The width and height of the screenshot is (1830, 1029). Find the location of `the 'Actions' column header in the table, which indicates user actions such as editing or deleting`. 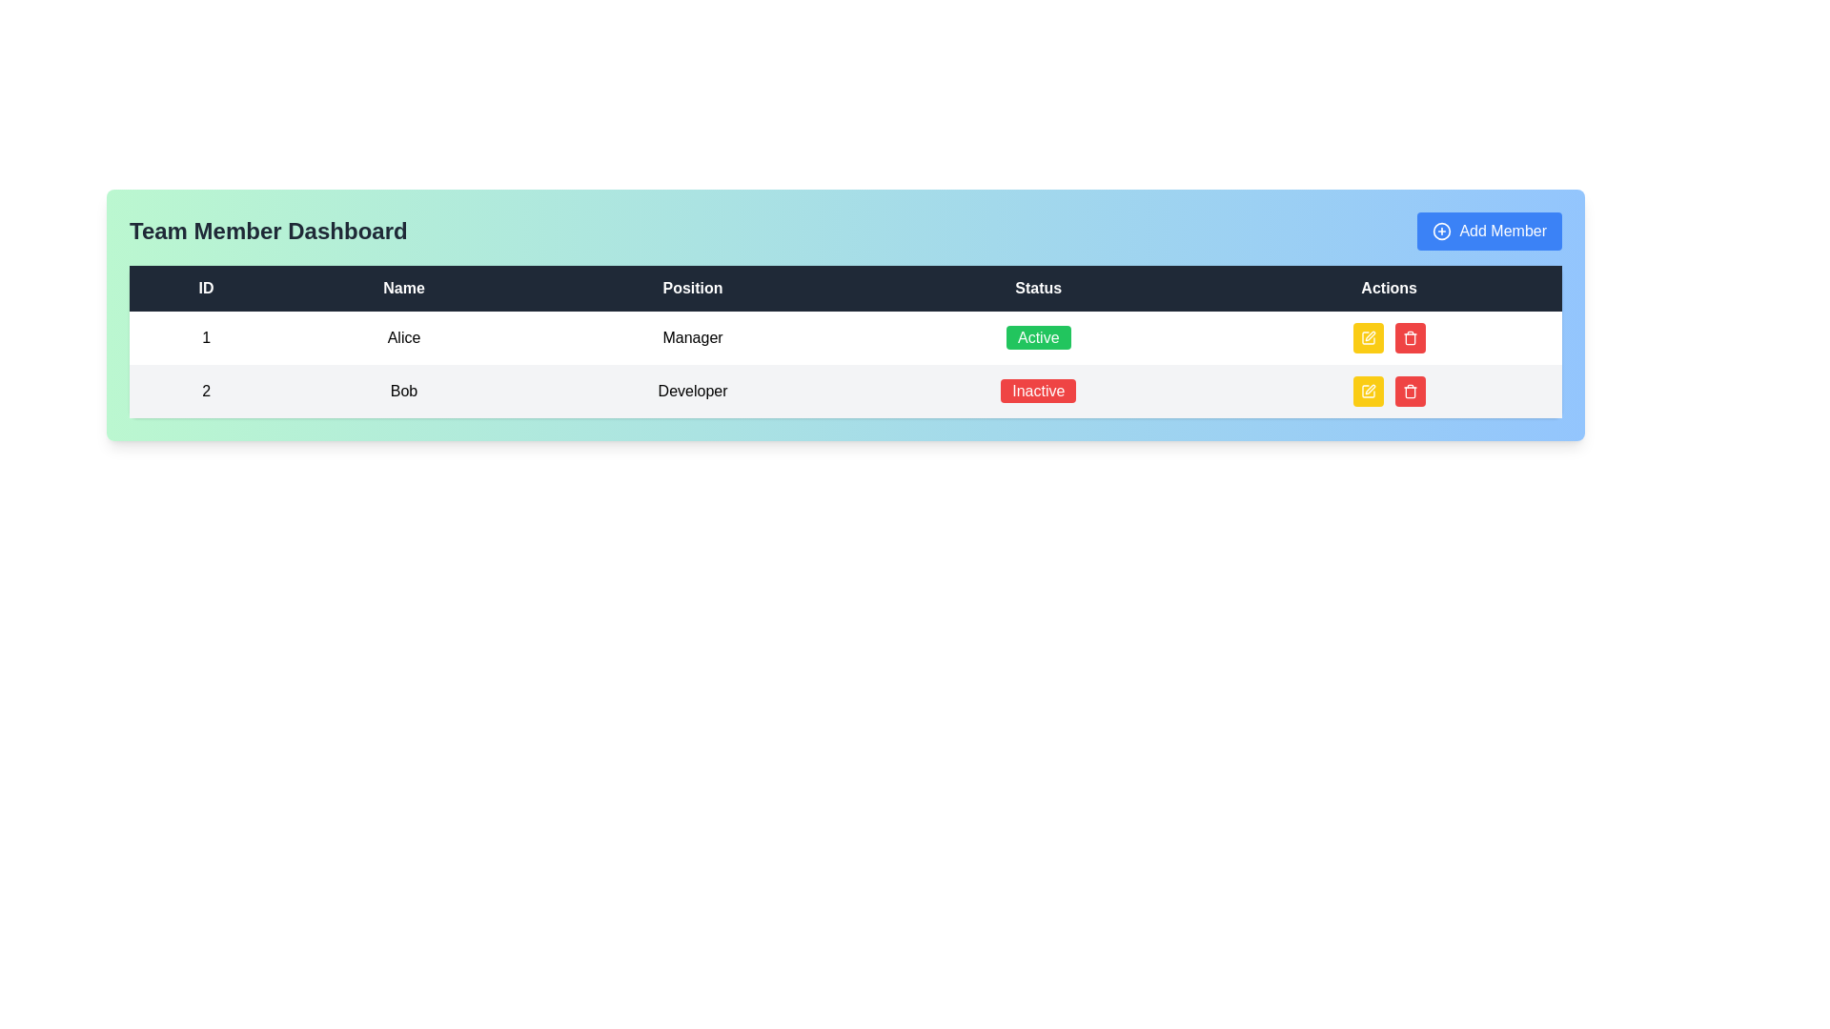

the 'Actions' column header in the table, which indicates user actions such as editing or deleting is located at coordinates (1389, 289).